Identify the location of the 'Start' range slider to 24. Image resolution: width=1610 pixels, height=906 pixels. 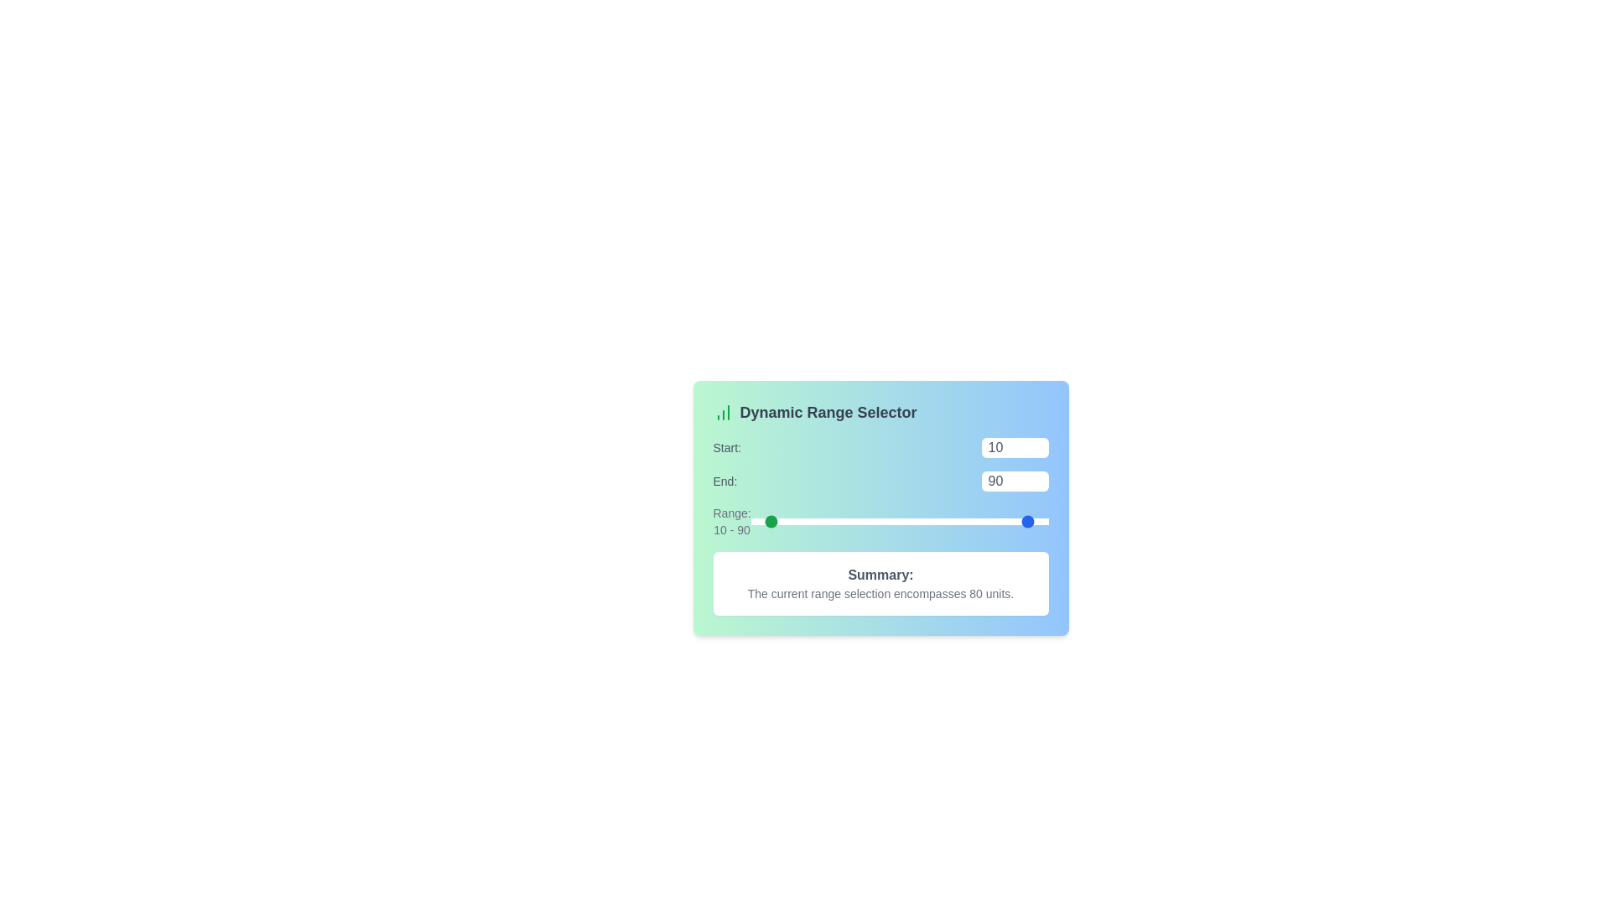
(786, 520).